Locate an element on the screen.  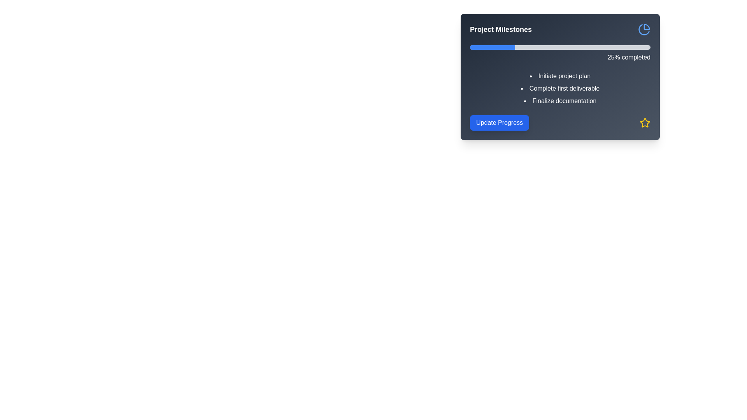
the text label displaying 'Finalize documentation', which is the third bullet point item under the heading 'Project Milestones', styled with a white bullet point on a dark blue background is located at coordinates (560, 100).